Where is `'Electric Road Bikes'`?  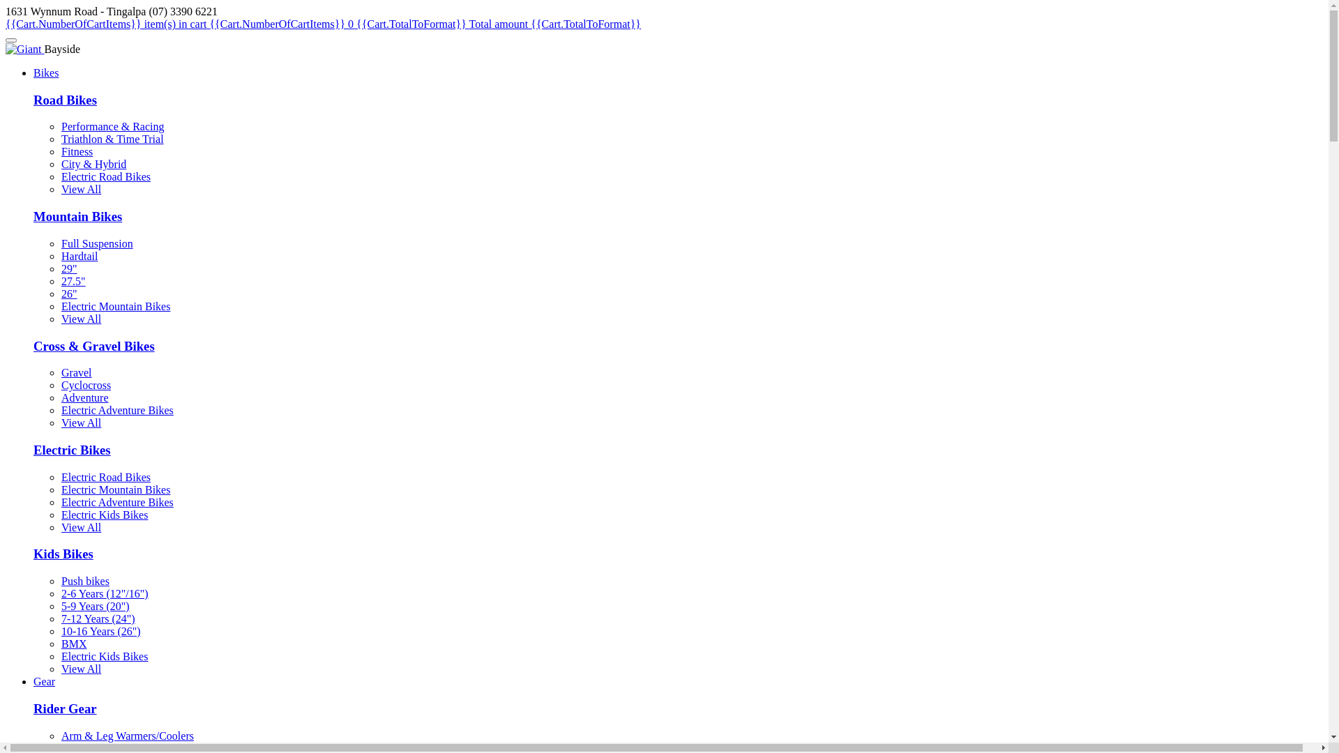
'Electric Road Bikes' is located at coordinates (105, 476).